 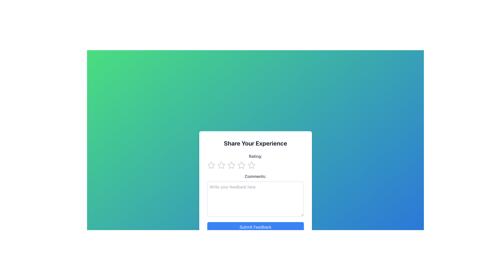 I want to click on the 'Submit Feedback' button, so click(x=255, y=227).